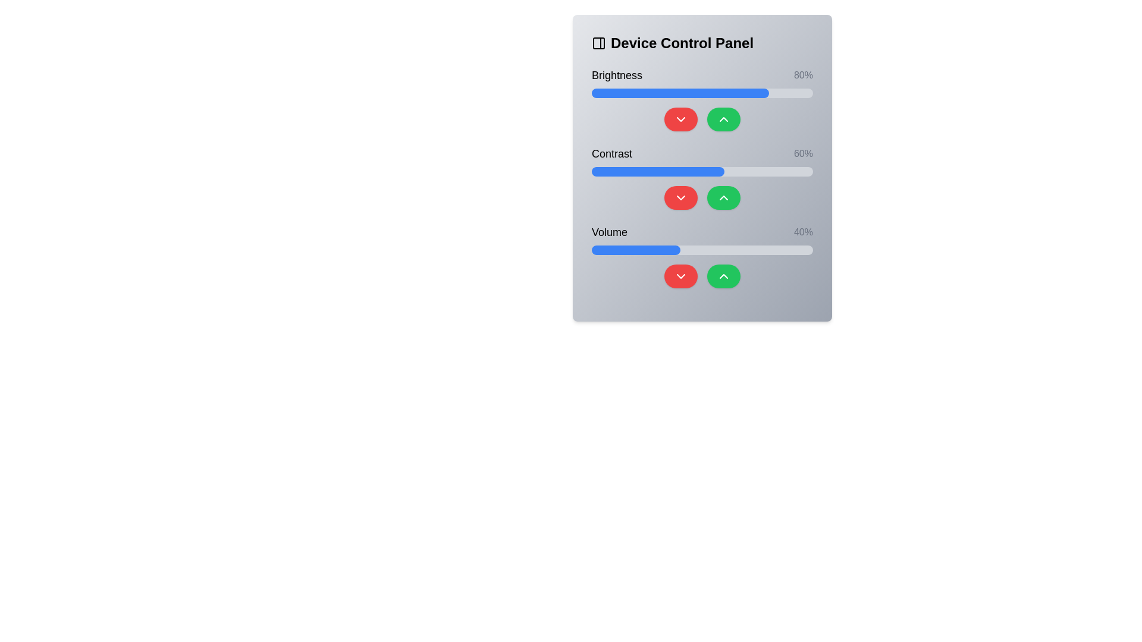 The width and height of the screenshot is (1142, 642). Describe the element at coordinates (713, 172) in the screenshot. I see `the contrast level` at that location.